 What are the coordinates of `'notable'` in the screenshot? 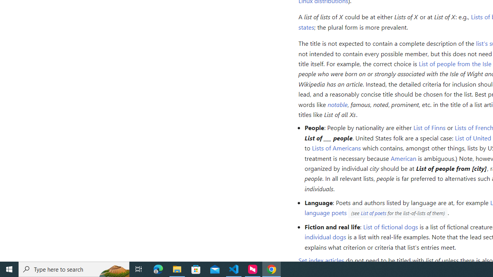 It's located at (337, 104).